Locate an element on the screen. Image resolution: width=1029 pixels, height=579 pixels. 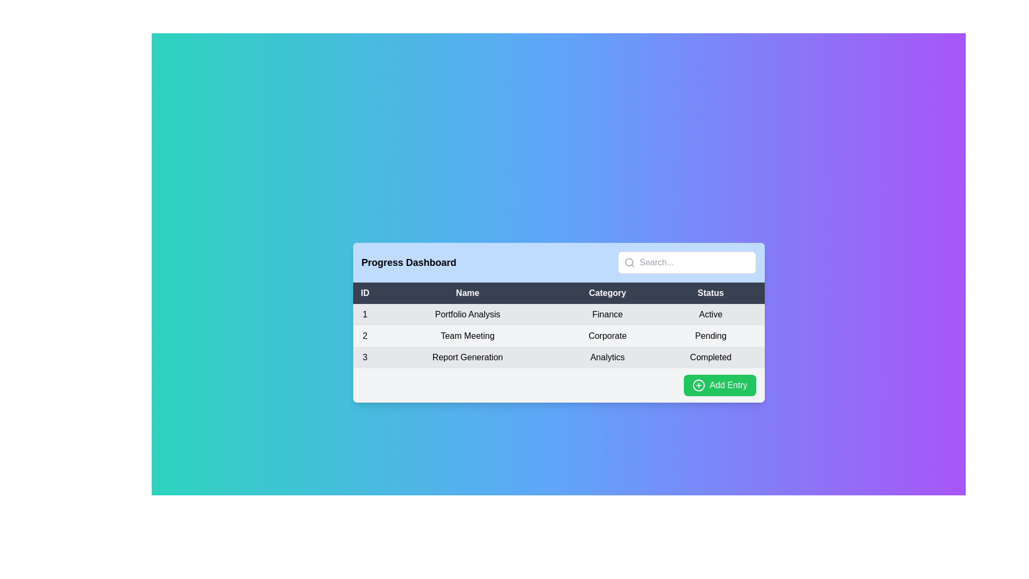
the text label that identifies the second row in the table labeled '2', which serves as a reference for the user is located at coordinates (365, 336).